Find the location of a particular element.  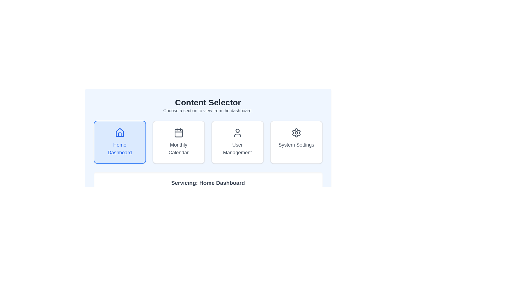

the text label indicating 'Servicing: Home Dashboard', which serves as a heading in the bottom section of the interface is located at coordinates (208, 183).